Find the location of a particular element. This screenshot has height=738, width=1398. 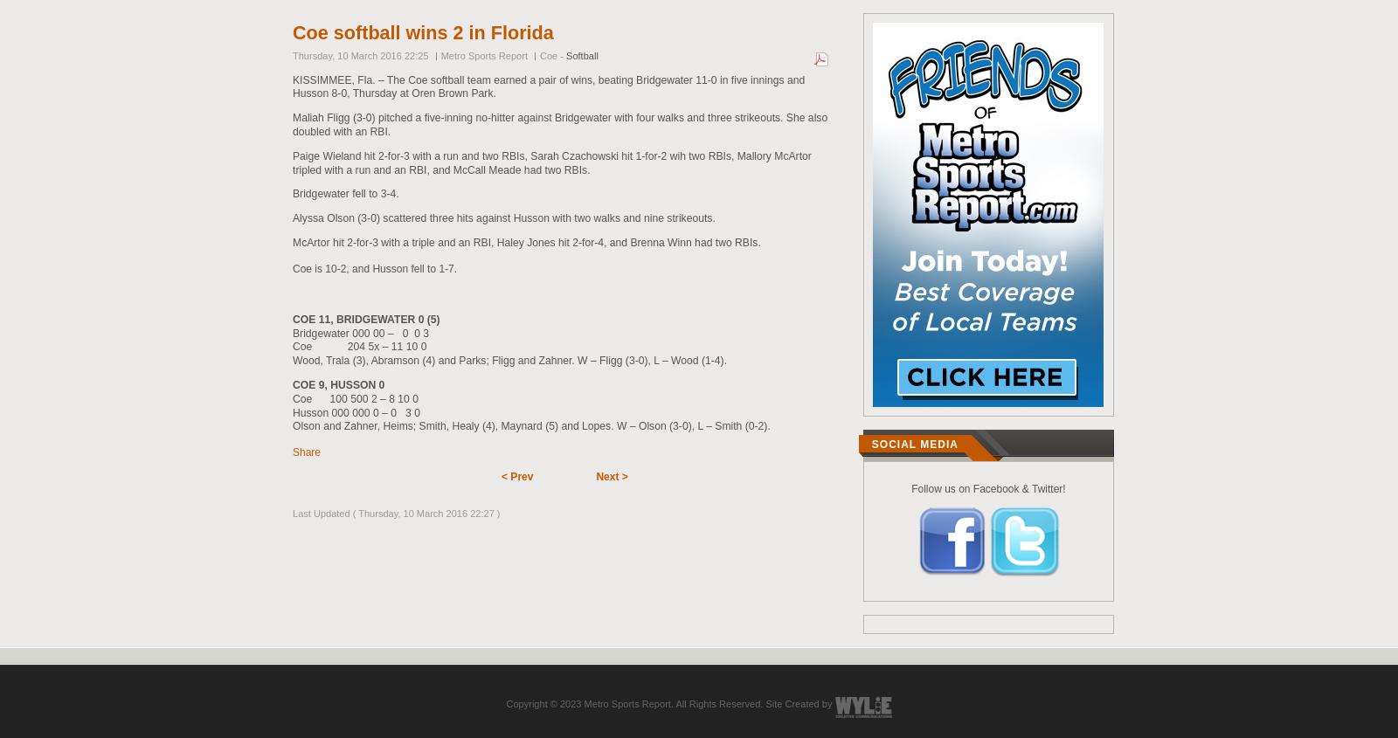

'COE 11, BRIDGEWATER 0 (5)' is located at coordinates (293, 318).